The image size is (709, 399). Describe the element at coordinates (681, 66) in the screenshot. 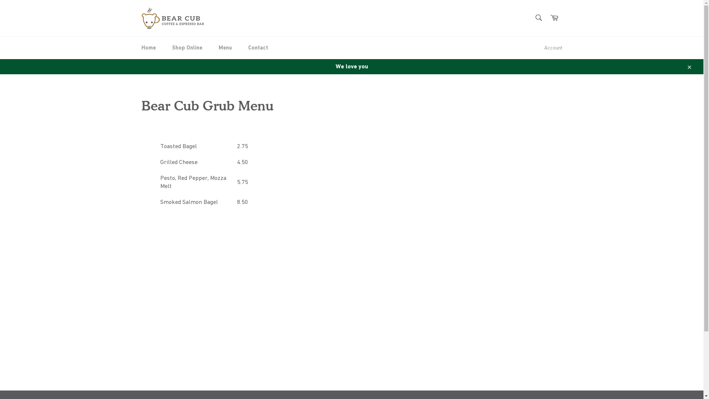

I see `'Close'` at that location.